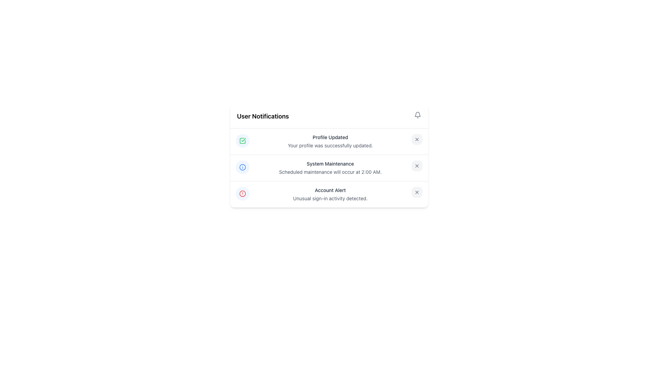 The width and height of the screenshot is (659, 371). I want to click on system message text label conveying unusual sign-in activity information, which is positioned below the 'Account Alert' title, so click(330, 199).